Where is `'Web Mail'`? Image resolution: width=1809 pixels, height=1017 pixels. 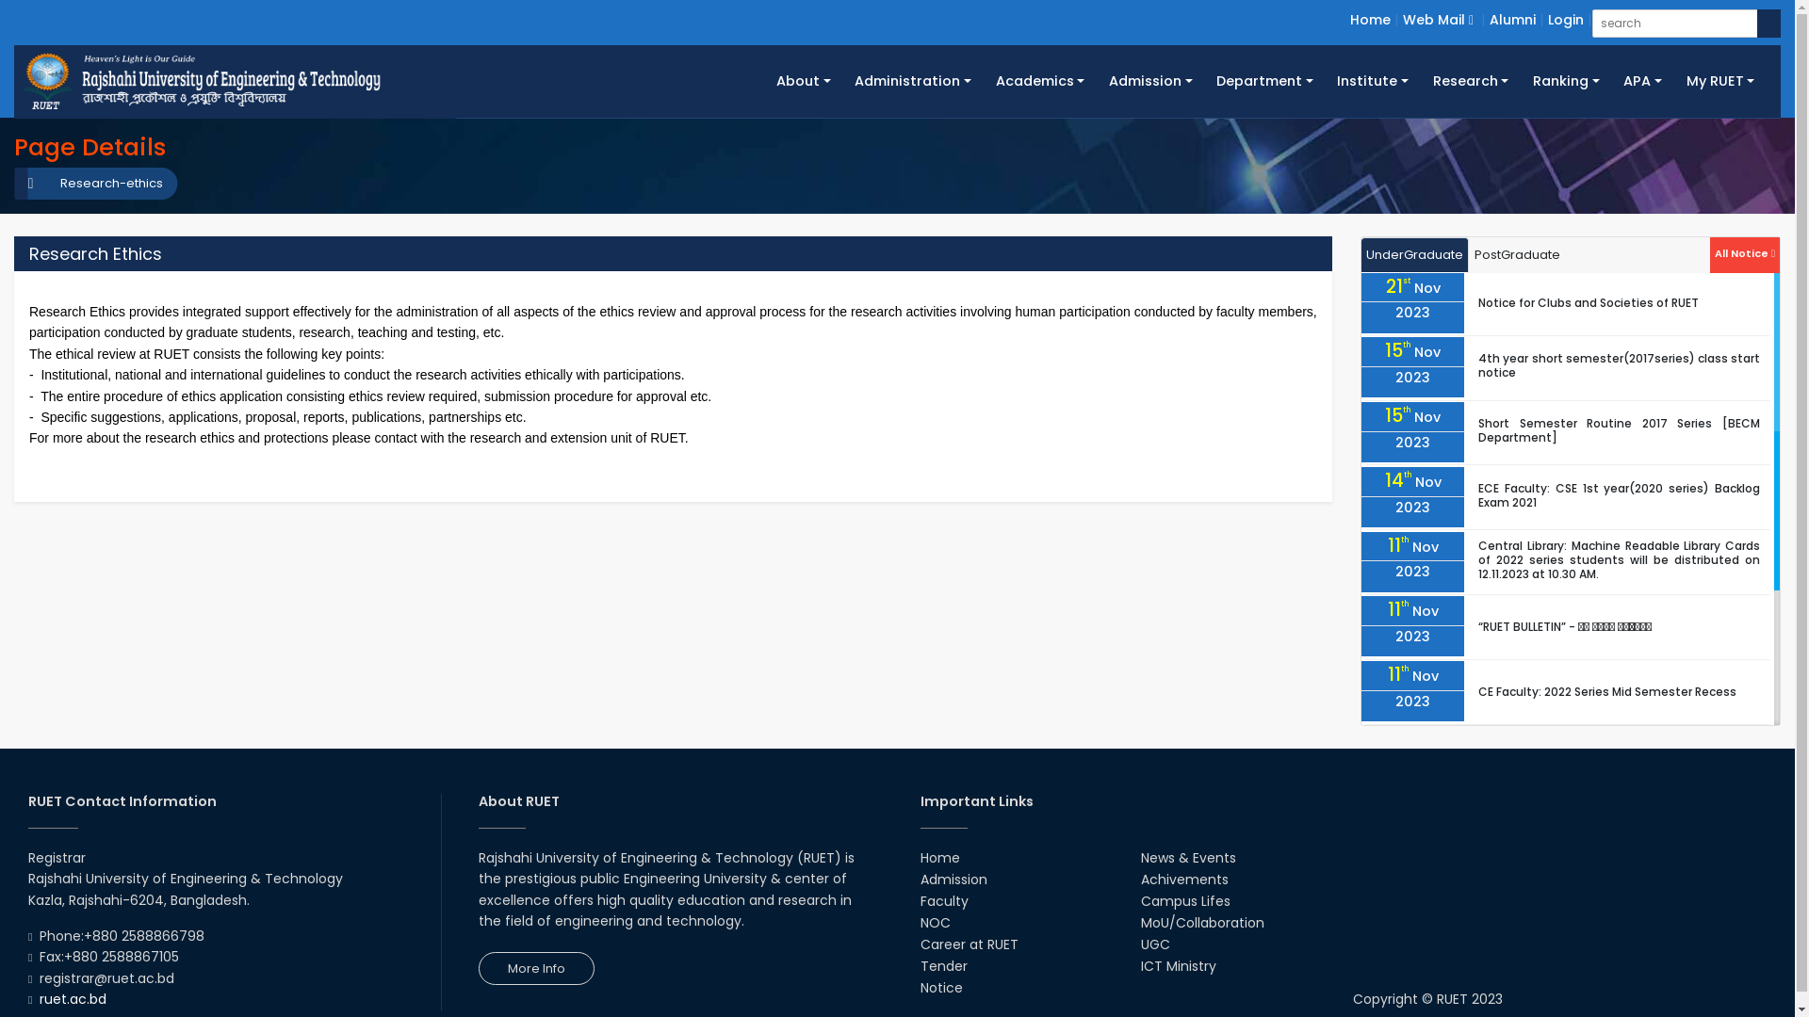
'Web Mail' is located at coordinates (1402, 19).